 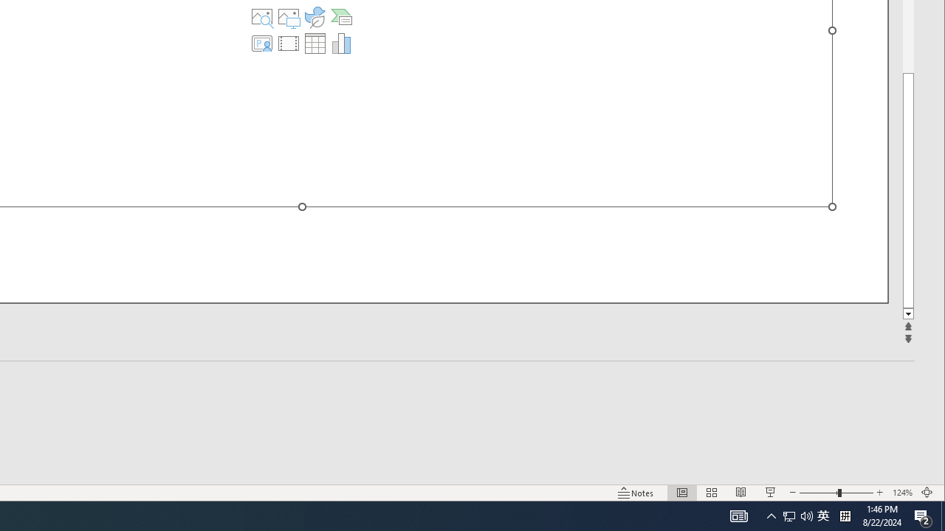 I want to click on 'User Promoted Notification Area', so click(x=797, y=515).